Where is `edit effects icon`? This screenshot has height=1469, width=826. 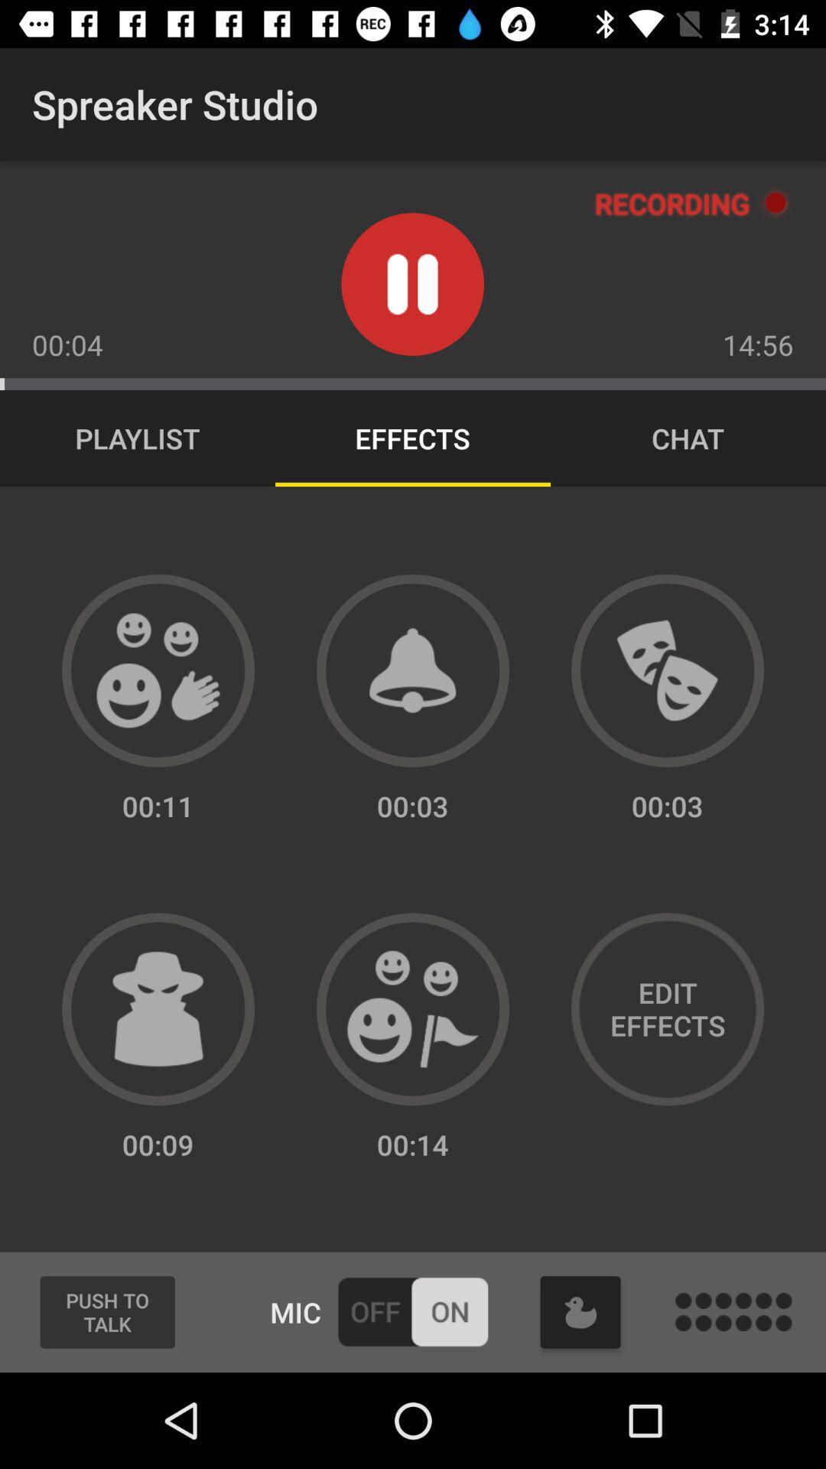 edit effects icon is located at coordinates (666, 1009).